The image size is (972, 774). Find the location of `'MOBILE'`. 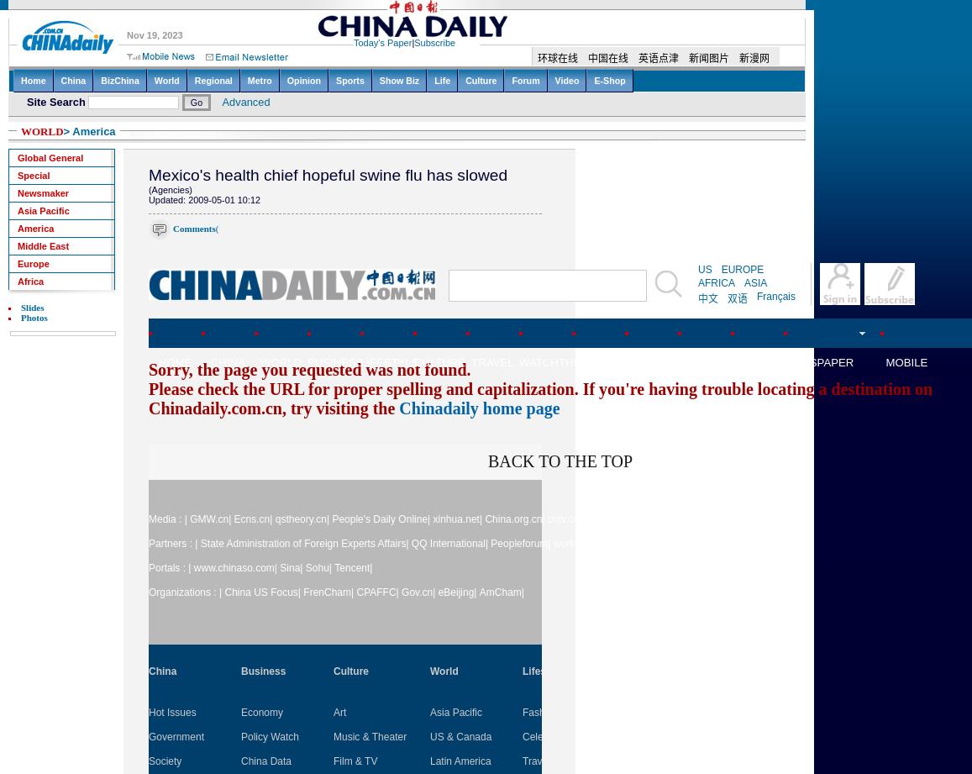

'MOBILE' is located at coordinates (906, 362).